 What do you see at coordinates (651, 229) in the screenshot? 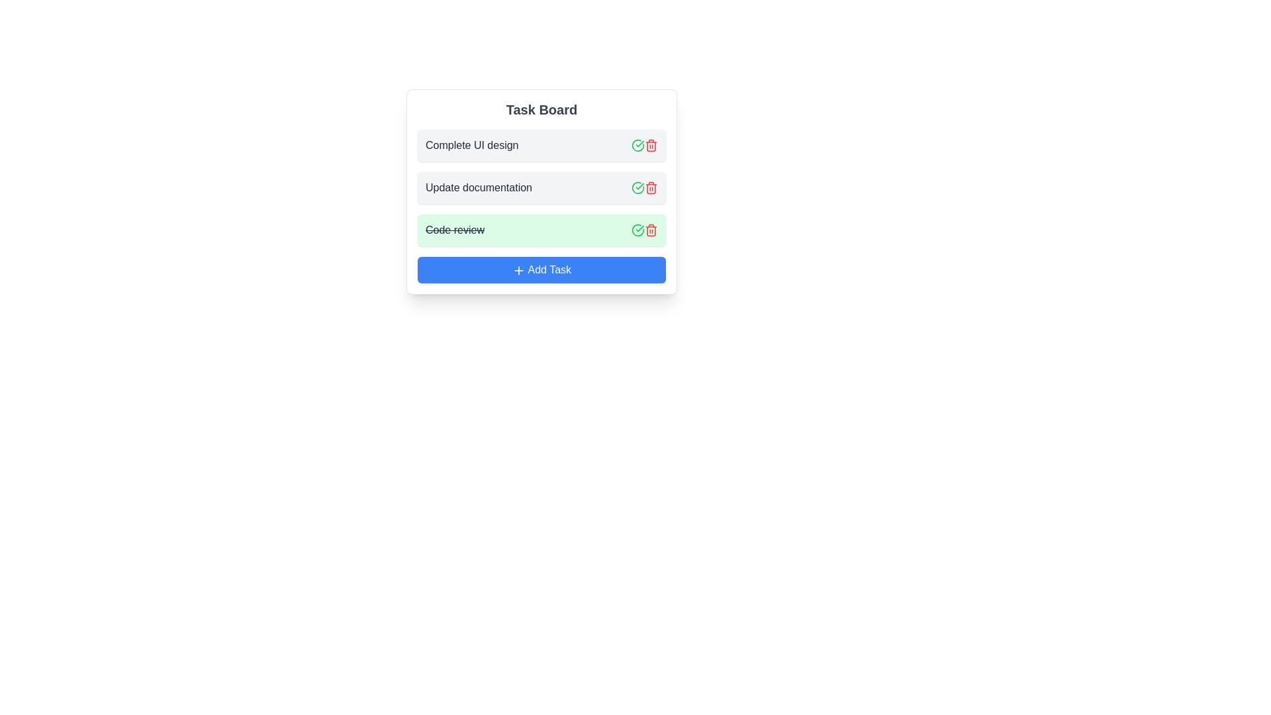
I see `the trash bin icon button, which is styled in red and positioned to the right of the 'Code review' task in the list. This action will display potential hints or changes in styling` at bounding box center [651, 229].